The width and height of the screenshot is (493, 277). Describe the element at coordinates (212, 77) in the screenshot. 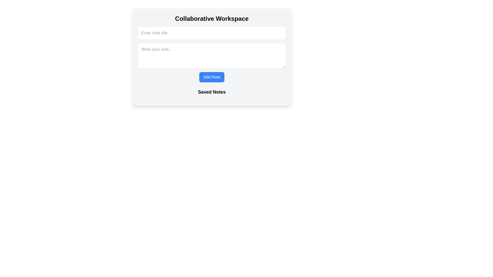

I see `the submit button located at the bottom of the form layout` at that location.